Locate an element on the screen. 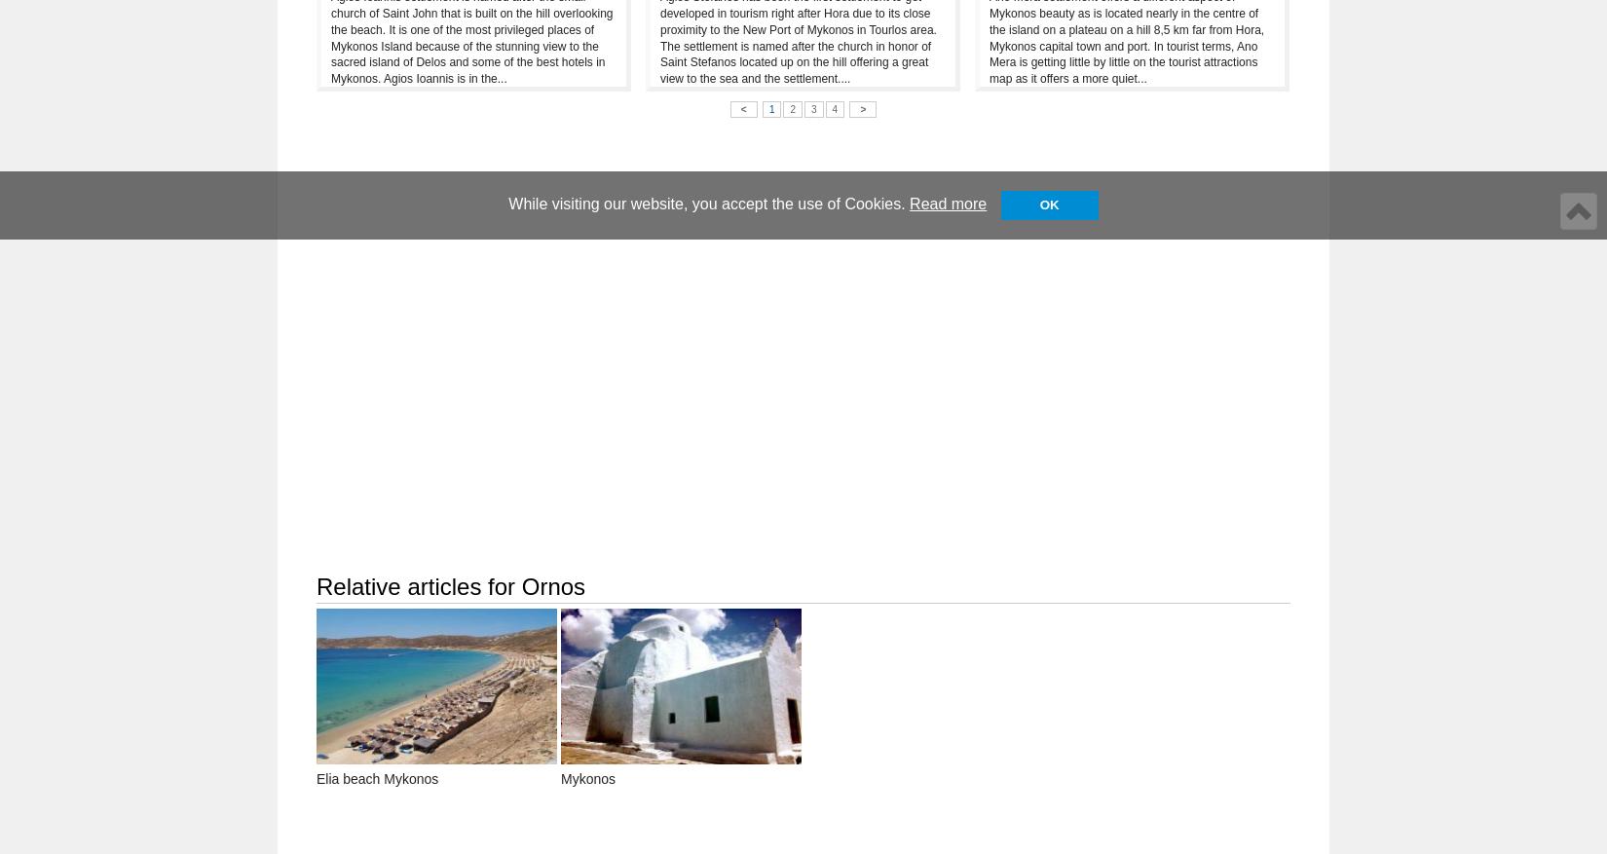  '3' is located at coordinates (810, 108).